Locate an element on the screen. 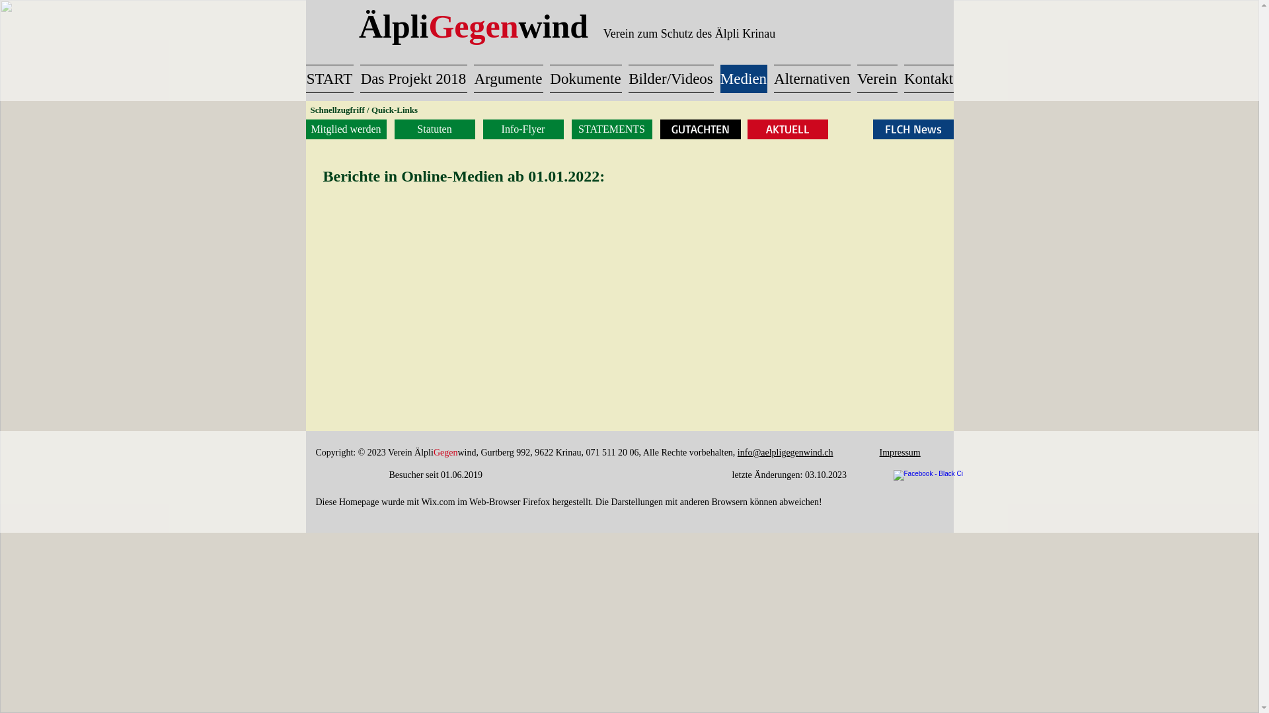 The width and height of the screenshot is (1269, 713). 'Argumente' is located at coordinates (508, 79).